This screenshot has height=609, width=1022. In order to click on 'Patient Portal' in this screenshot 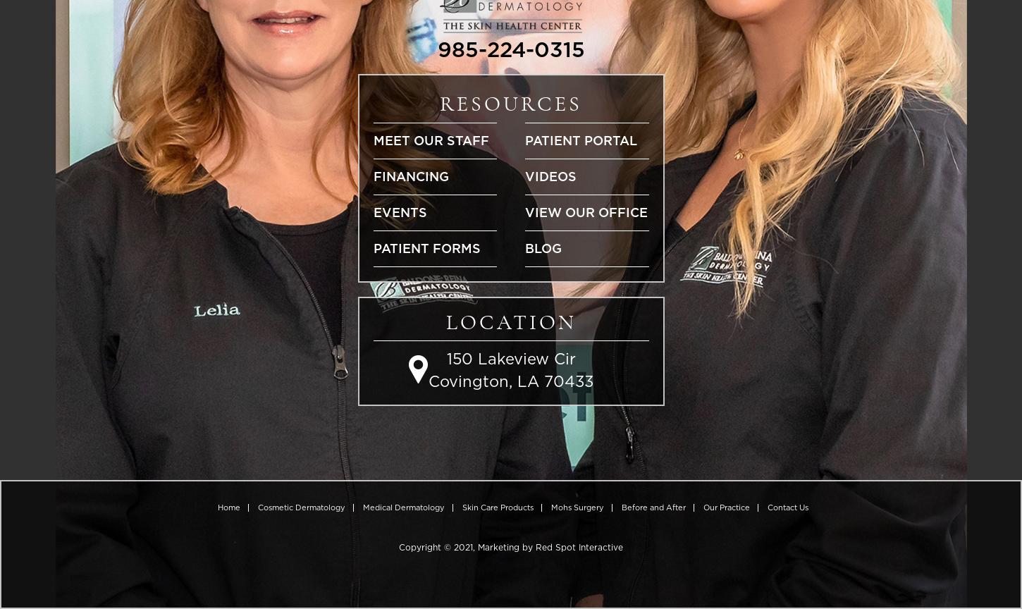, I will do `click(525, 139)`.